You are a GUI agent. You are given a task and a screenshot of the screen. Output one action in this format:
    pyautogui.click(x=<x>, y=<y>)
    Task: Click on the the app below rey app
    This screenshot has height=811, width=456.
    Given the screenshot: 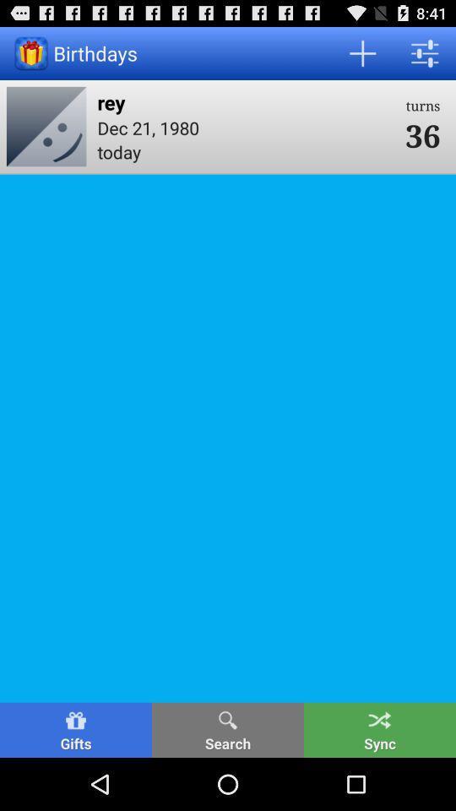 What is the action you would take?
    pyautogui.click(x=245, y=127)
    